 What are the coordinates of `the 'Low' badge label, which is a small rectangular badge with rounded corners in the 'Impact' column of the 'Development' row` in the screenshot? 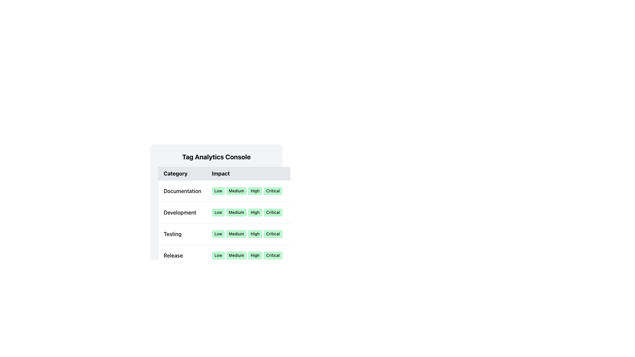 It's located at (218, 213).